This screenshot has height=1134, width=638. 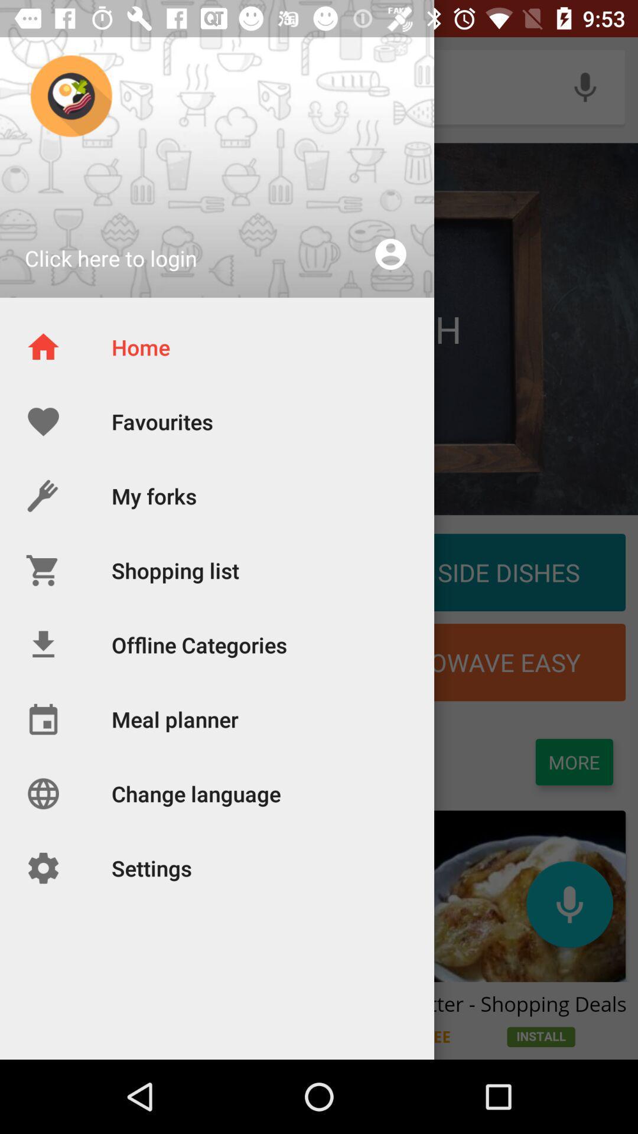 What do you see at coordinates (585, 86) in the screenshot?
I see `the microphone icon` at bounding box center [585, 86].